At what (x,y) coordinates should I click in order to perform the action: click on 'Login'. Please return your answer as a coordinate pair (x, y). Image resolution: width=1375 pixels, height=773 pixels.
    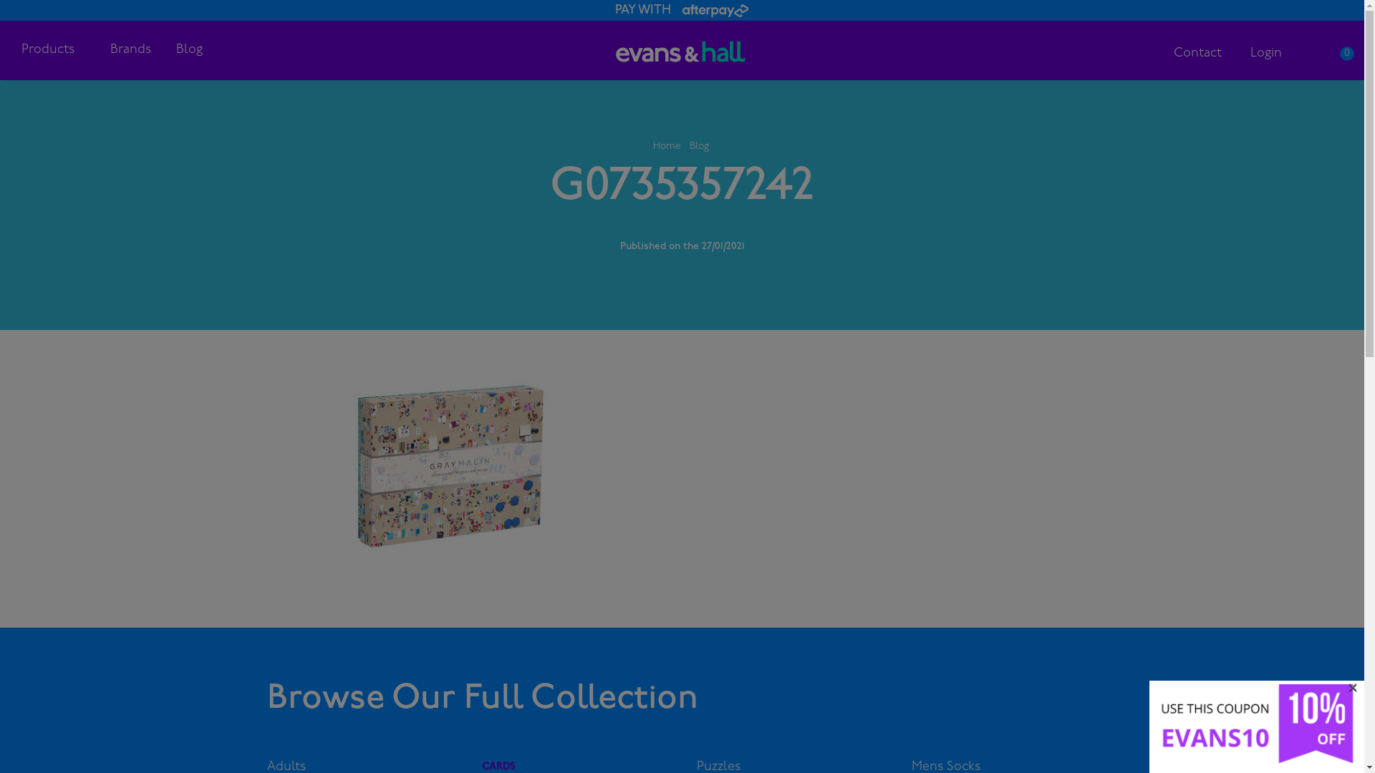
    Looking at the image, I should click on (1265, 52).